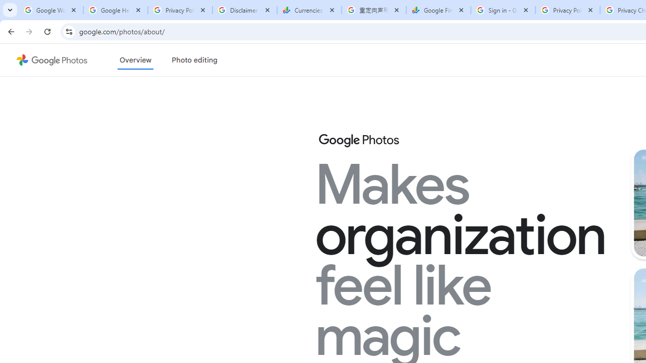  What do you see at coordinates (503, 10) in the screenshot?
I see `'Sign in - Google Accounts'` at bounding box center [503, 10].